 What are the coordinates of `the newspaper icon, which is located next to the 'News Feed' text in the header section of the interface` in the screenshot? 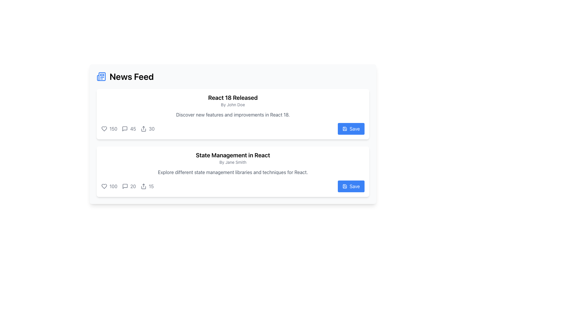 It's located at (101, 76).